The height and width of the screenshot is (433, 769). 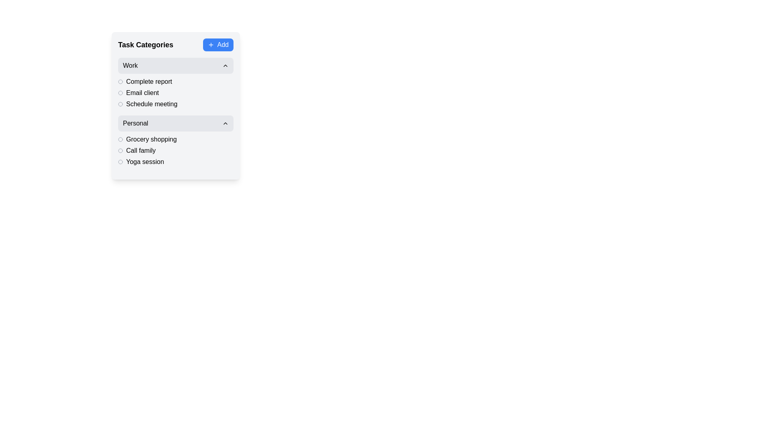 What do you see at coordinates (175, 103) in the screenshot?
I see `the 'Schedule meeting' list item which is the third item under the 'Work' task category` at bounding box center [175, 103].